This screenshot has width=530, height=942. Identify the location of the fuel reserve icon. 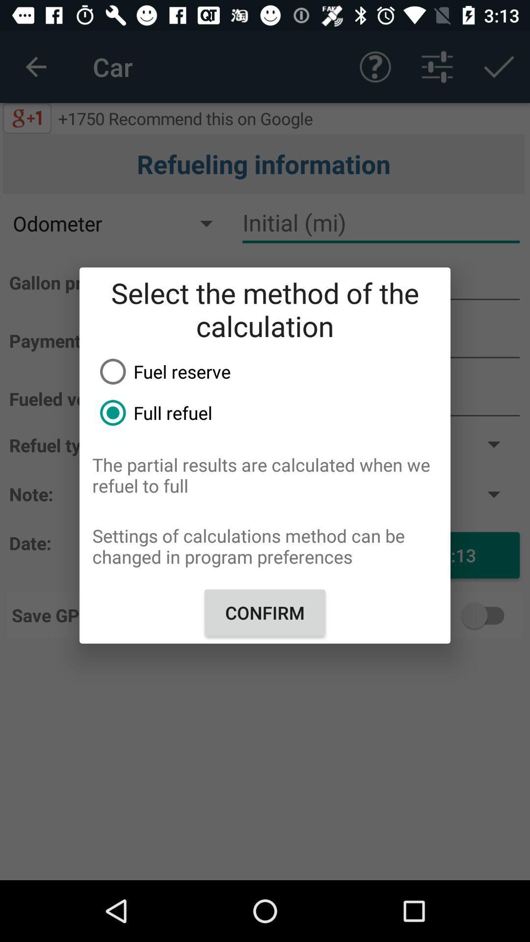
(271, 371).